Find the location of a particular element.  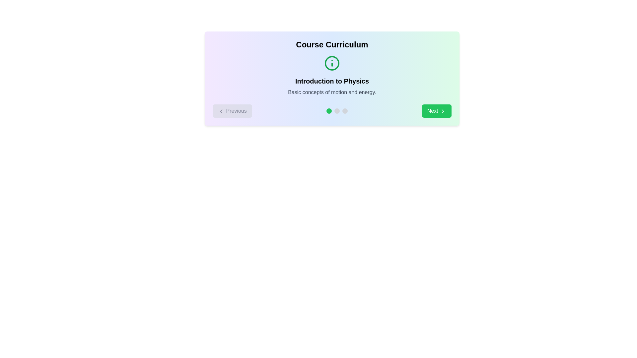

the left-pointing chevron icon within the 'Previous' button is located at coordinates (221, 111).